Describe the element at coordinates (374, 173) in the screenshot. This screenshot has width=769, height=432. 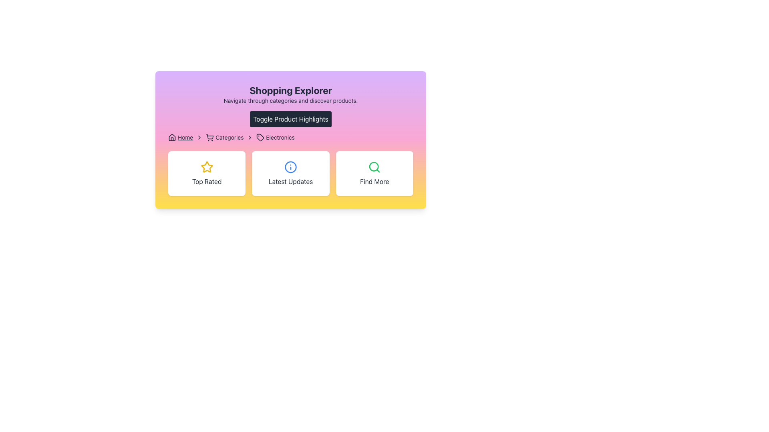
I see `the 'Find More' button-like card, which features a green magnifying glass icon at the top and the text 'Find More' centered below it` at that location.